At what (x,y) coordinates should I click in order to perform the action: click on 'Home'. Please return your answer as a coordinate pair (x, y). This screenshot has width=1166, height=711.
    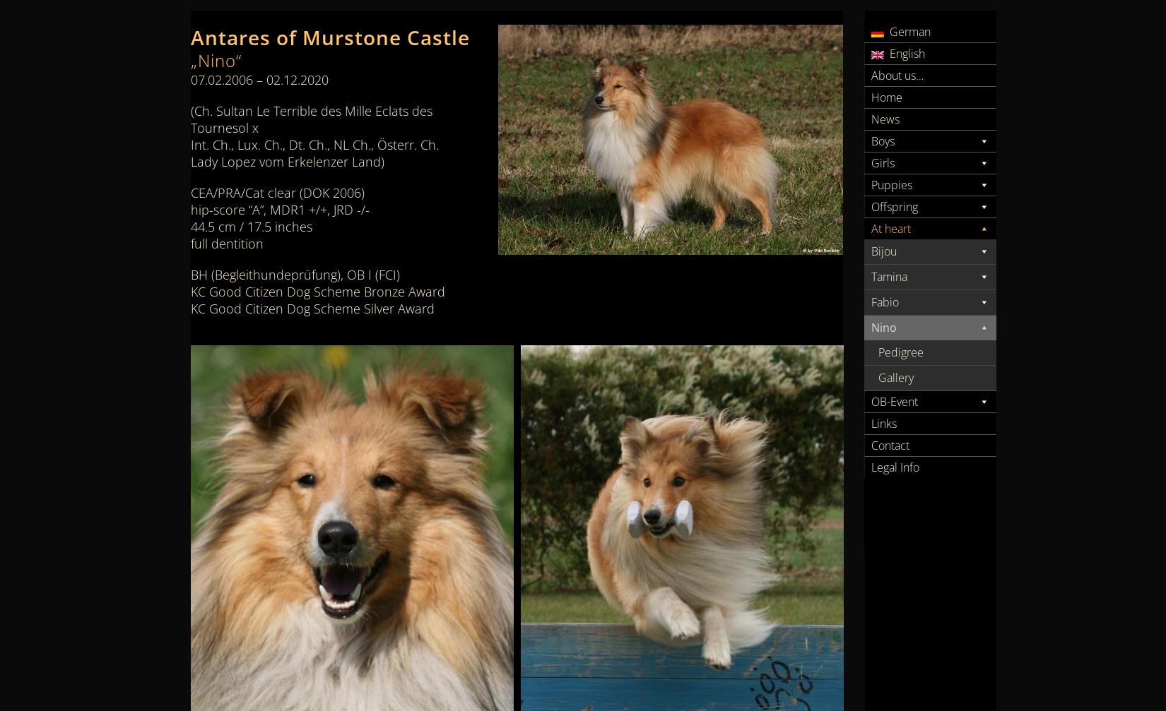
    Looking at the image, I should click on (885, 97).